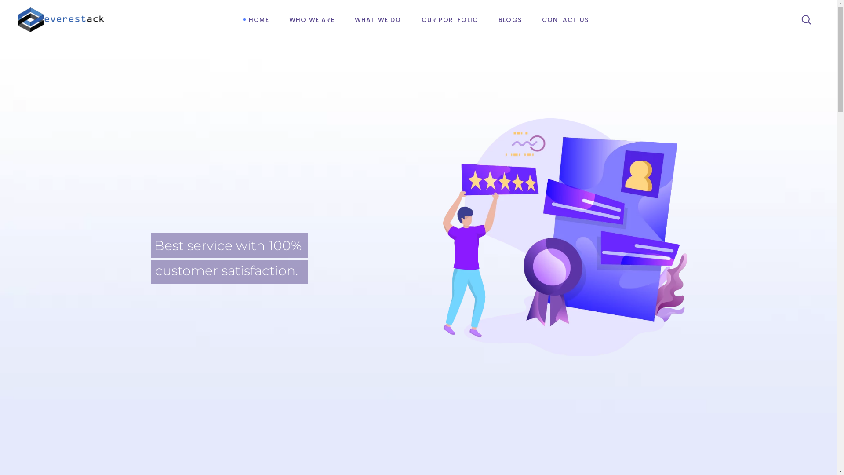  I want to click on 'HOME', so click(258, 20).